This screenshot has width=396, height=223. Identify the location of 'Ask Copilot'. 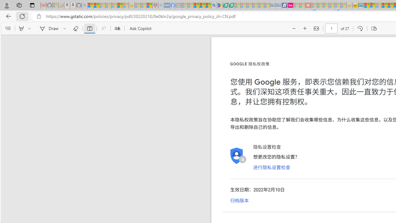
(140, 28).